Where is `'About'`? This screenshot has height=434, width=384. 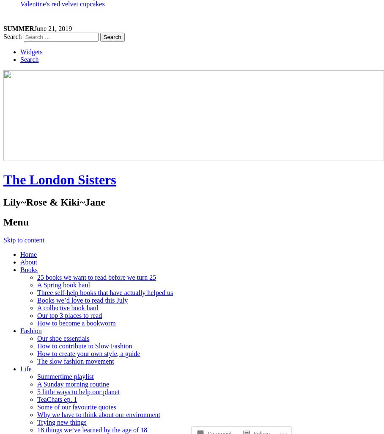
'About' is located at coordinates (29, 262).